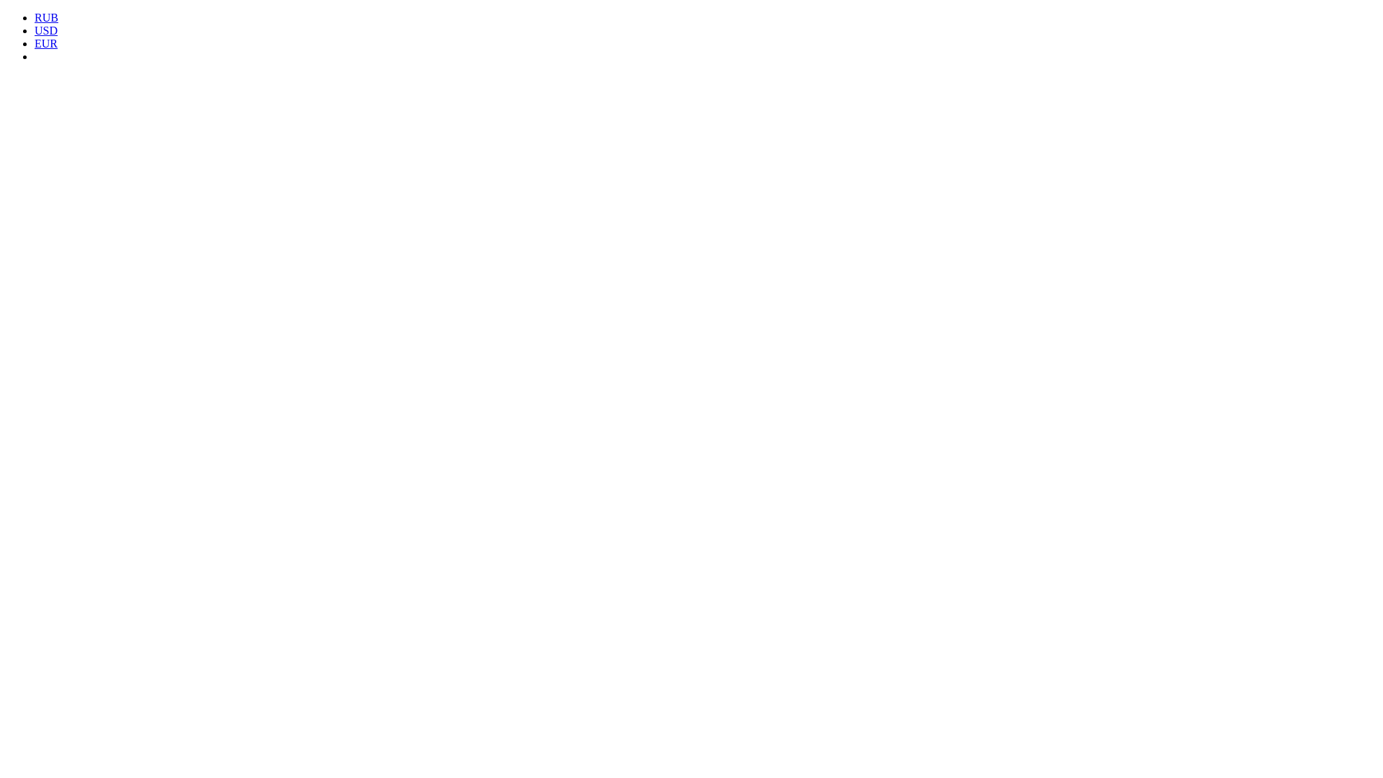  What do you see at coordinates (45, 30) in the screenshot?
I see `'USD'` at bounding box center [45, 30].